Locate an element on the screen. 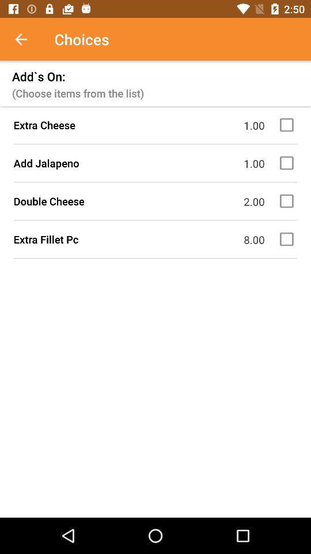  the item above the add`s on: icon is located at coordinates (27, 39).